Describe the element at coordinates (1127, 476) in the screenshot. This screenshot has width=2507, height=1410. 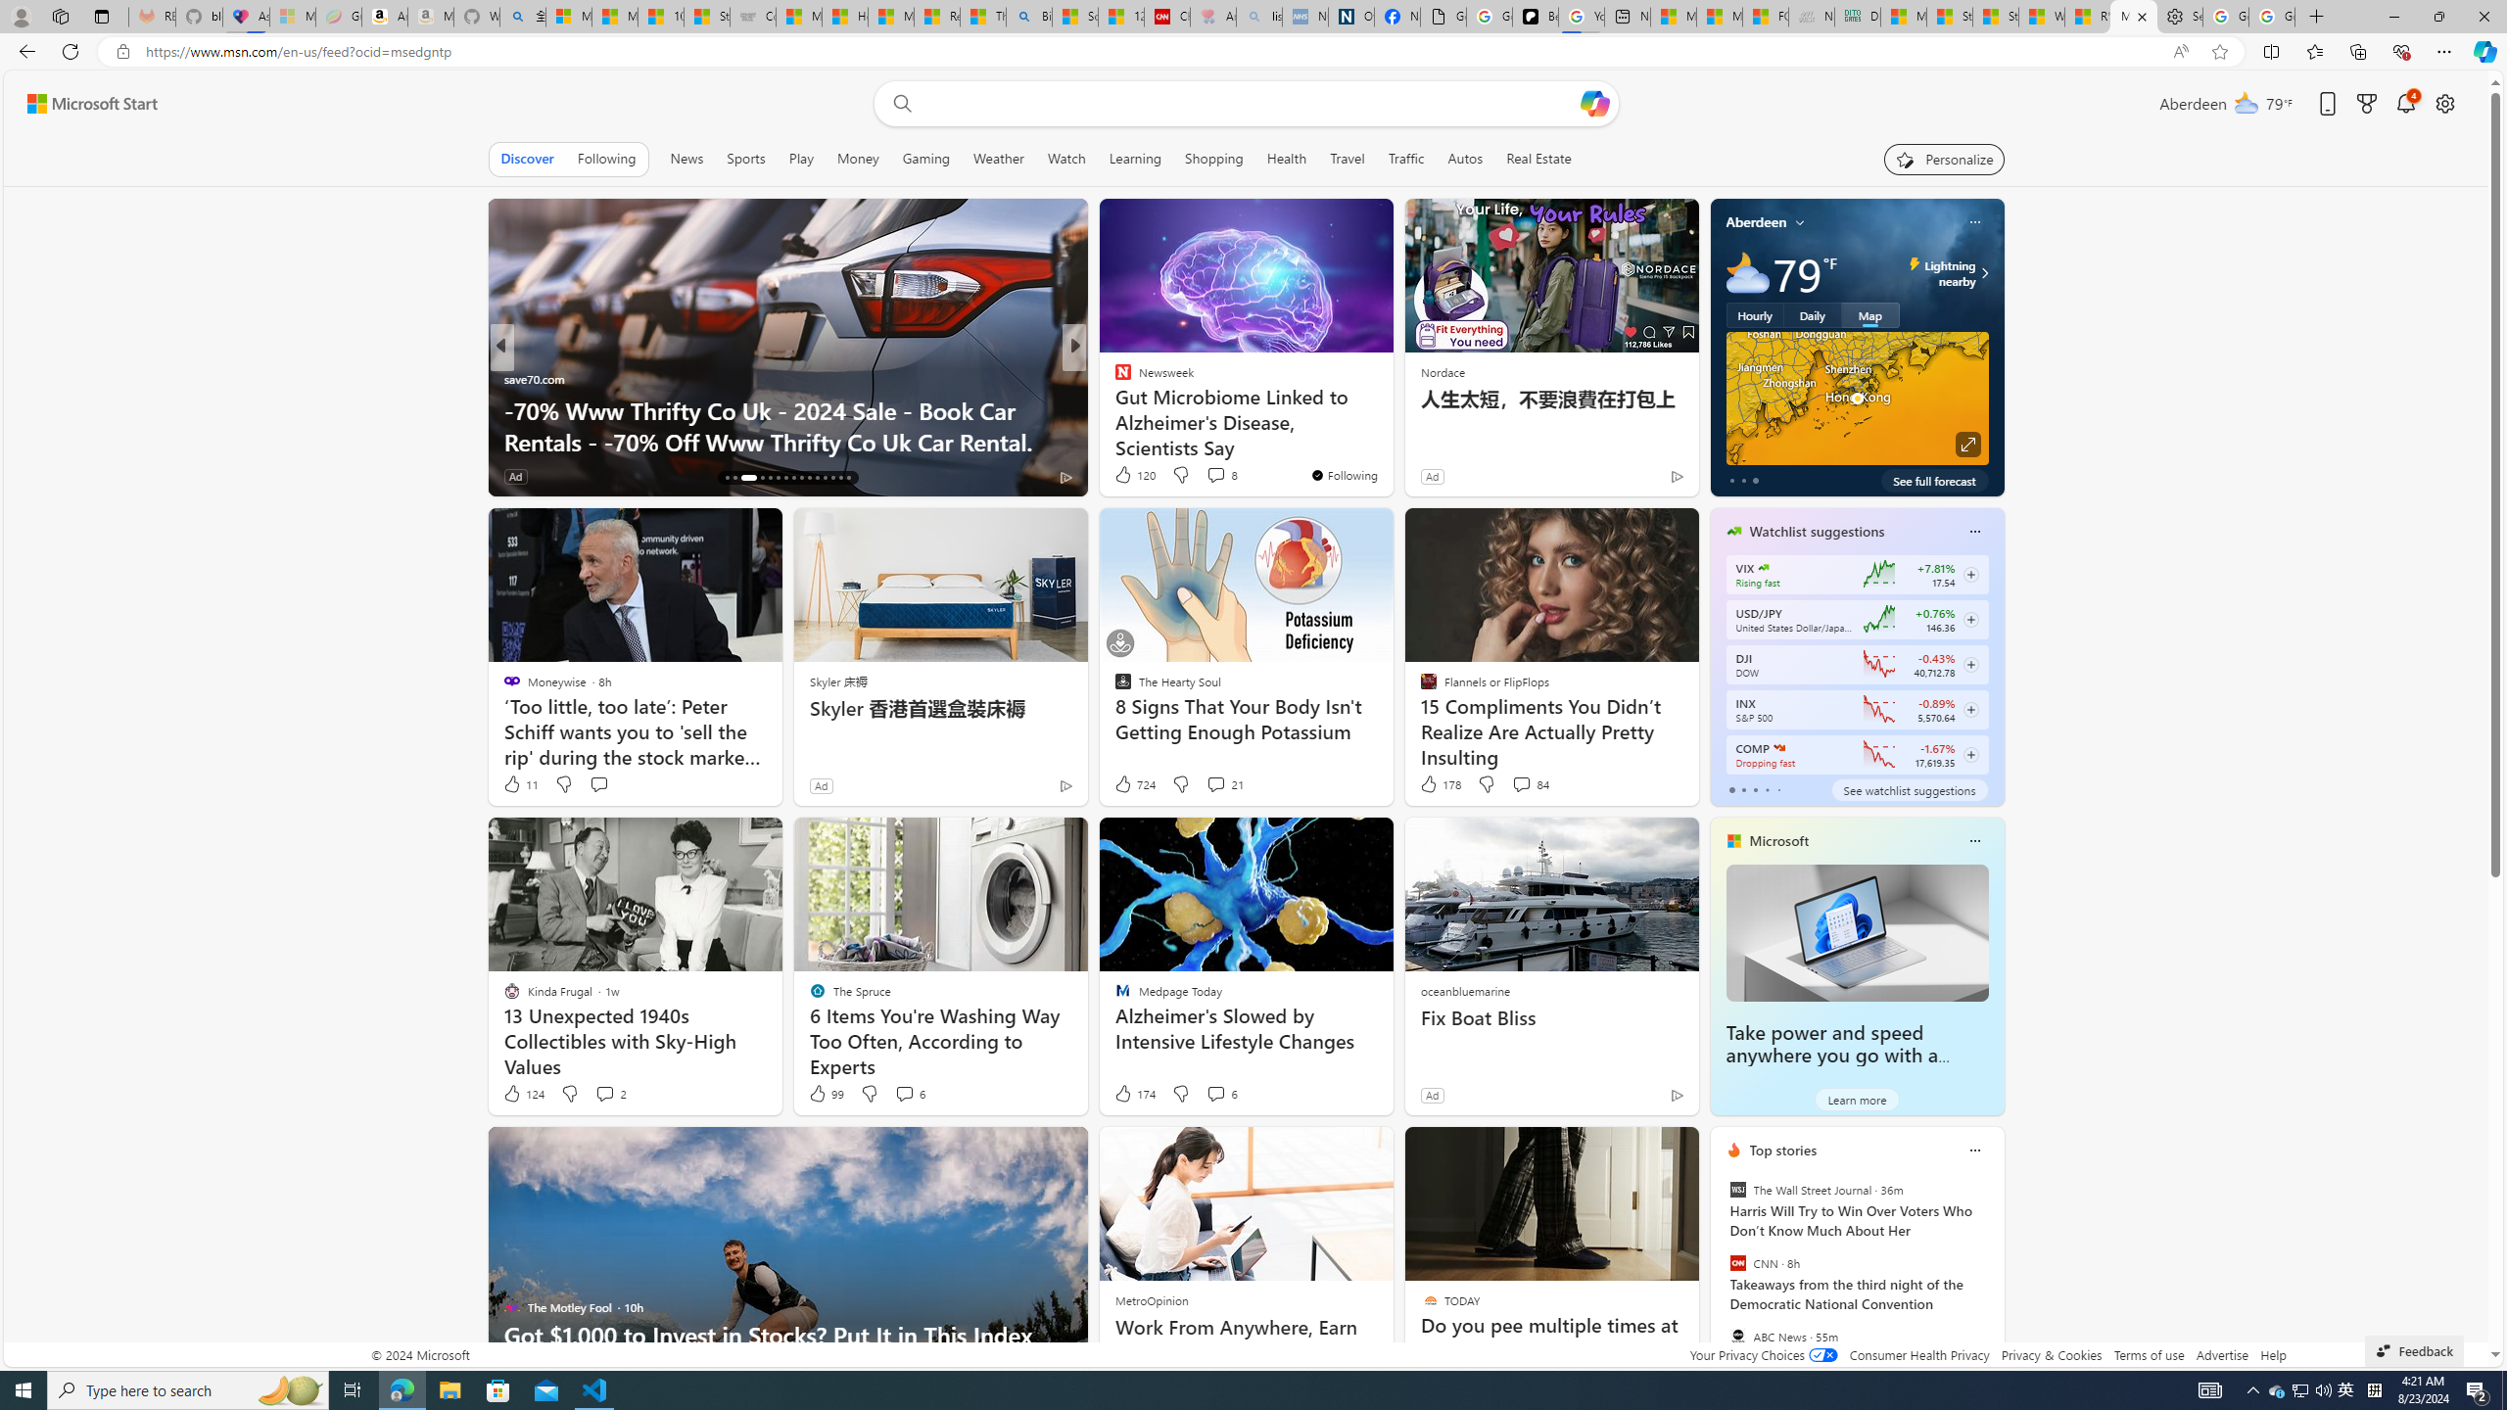
I see `'249 Like'` at that location.